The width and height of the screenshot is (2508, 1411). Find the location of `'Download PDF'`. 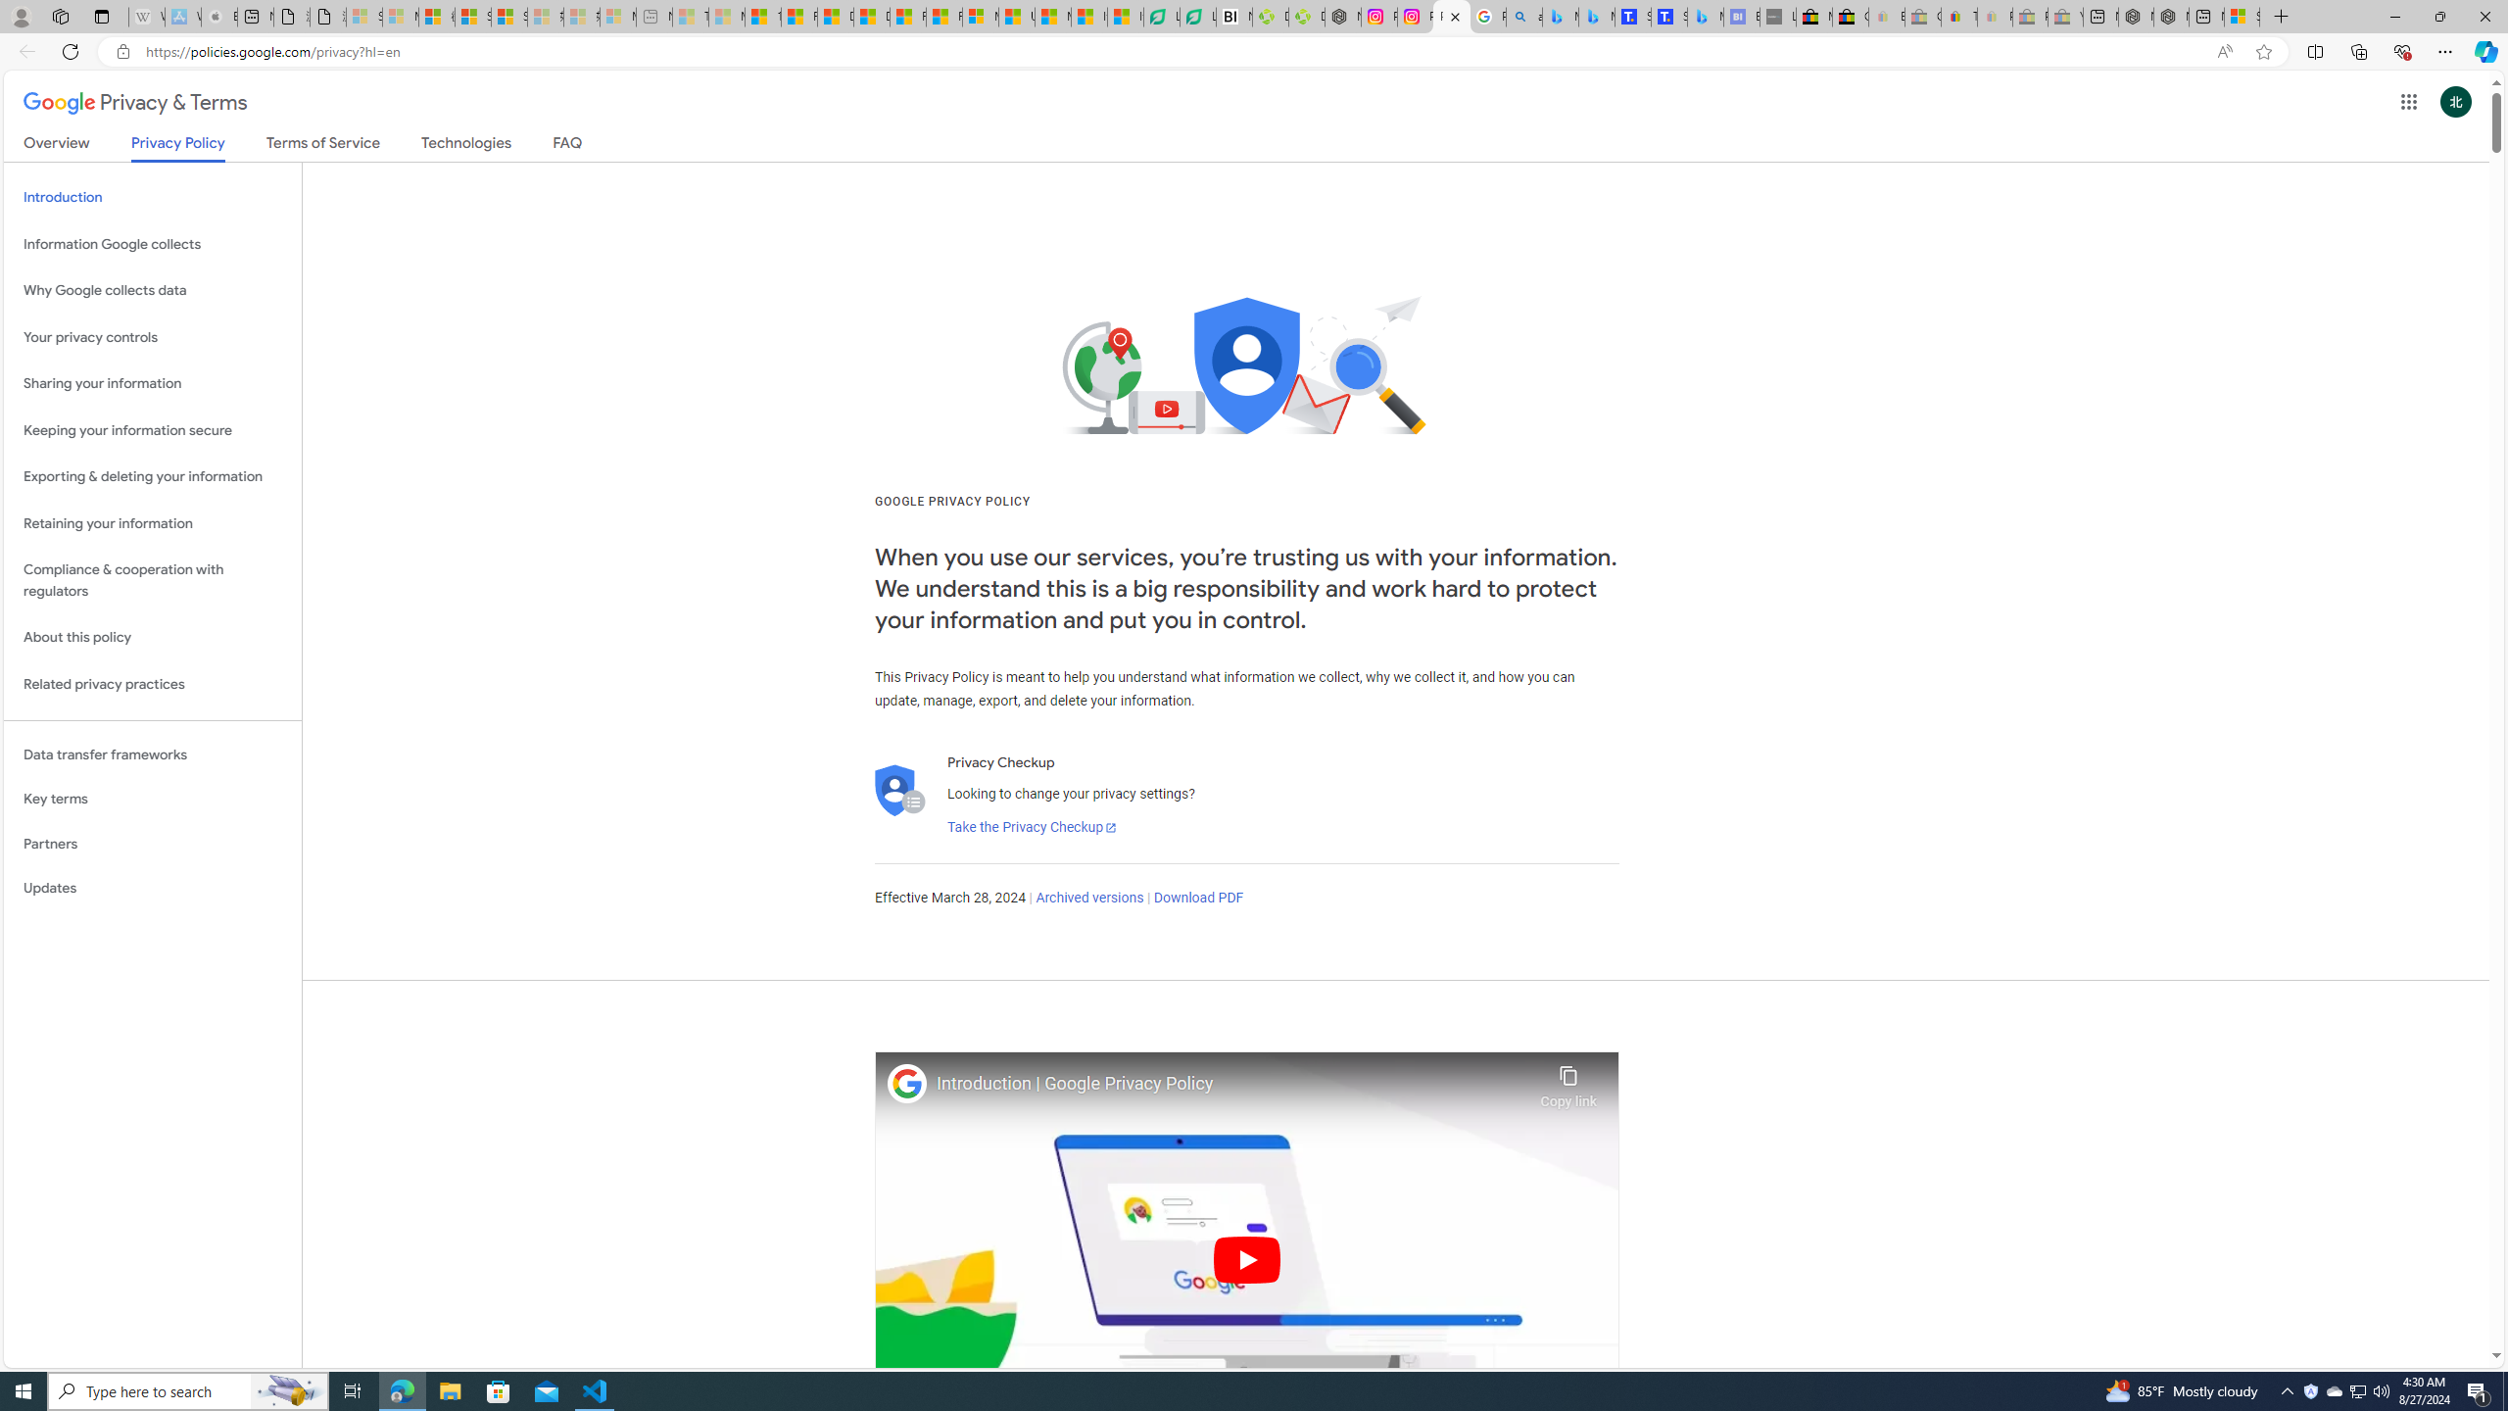

'Download PDF' is located at coordinates (1197, 898).